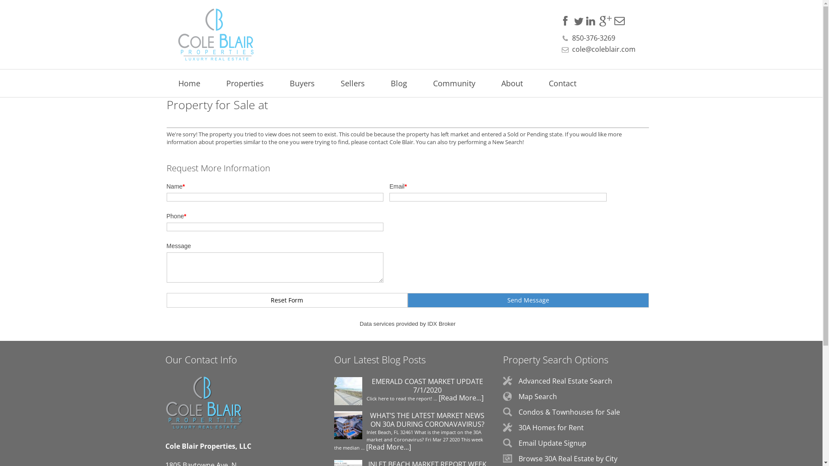 Image resolution: width=829 pixels, height=466 pixels. What do you see at coordinates (287, 299) in the screenshot?
I see `'Reset Form'` at bounding box center [287, 299].